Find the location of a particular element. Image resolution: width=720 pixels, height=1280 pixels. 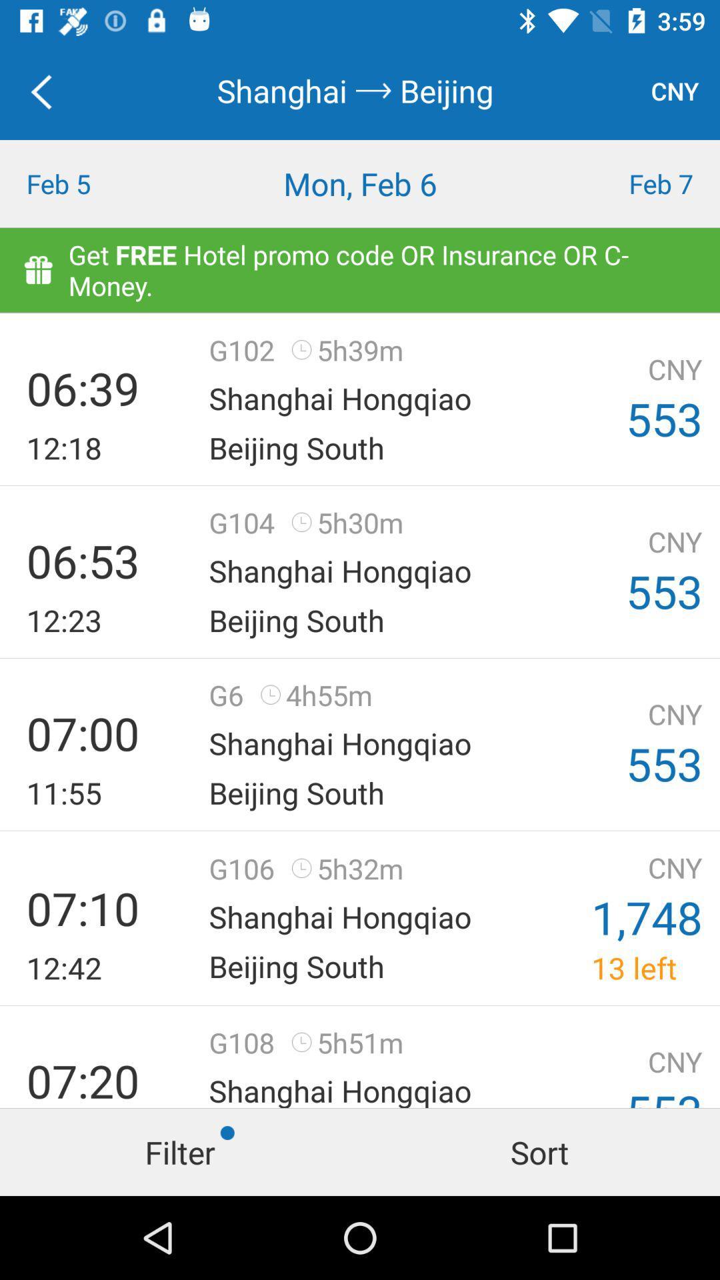

icon to the right of the feb 5 icon is located at coordinates (360, 183).